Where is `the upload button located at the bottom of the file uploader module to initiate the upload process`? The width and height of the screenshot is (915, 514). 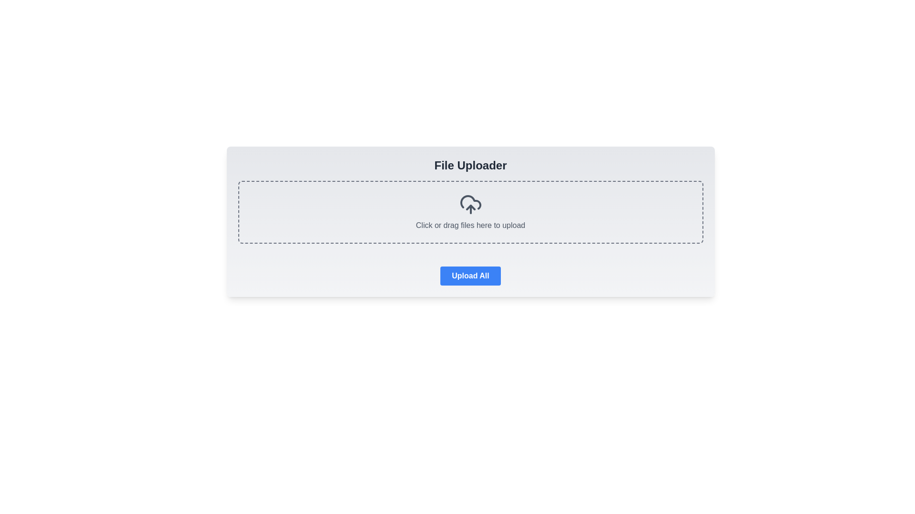 the upload button located at the bottom of the file uploader module to initiate the upload process is located at coordinates (470, 276).